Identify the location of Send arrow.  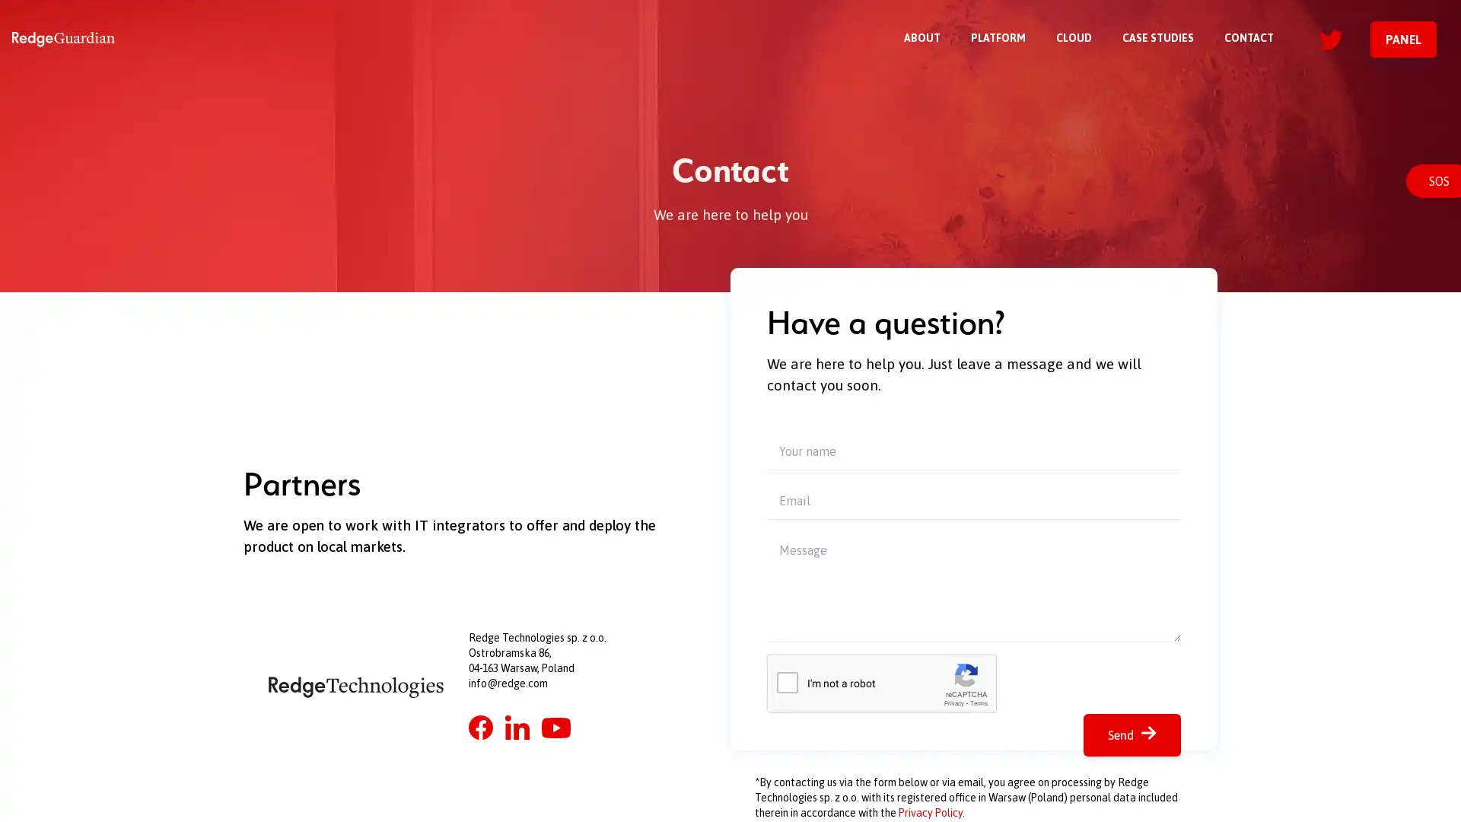
(1132, 733).